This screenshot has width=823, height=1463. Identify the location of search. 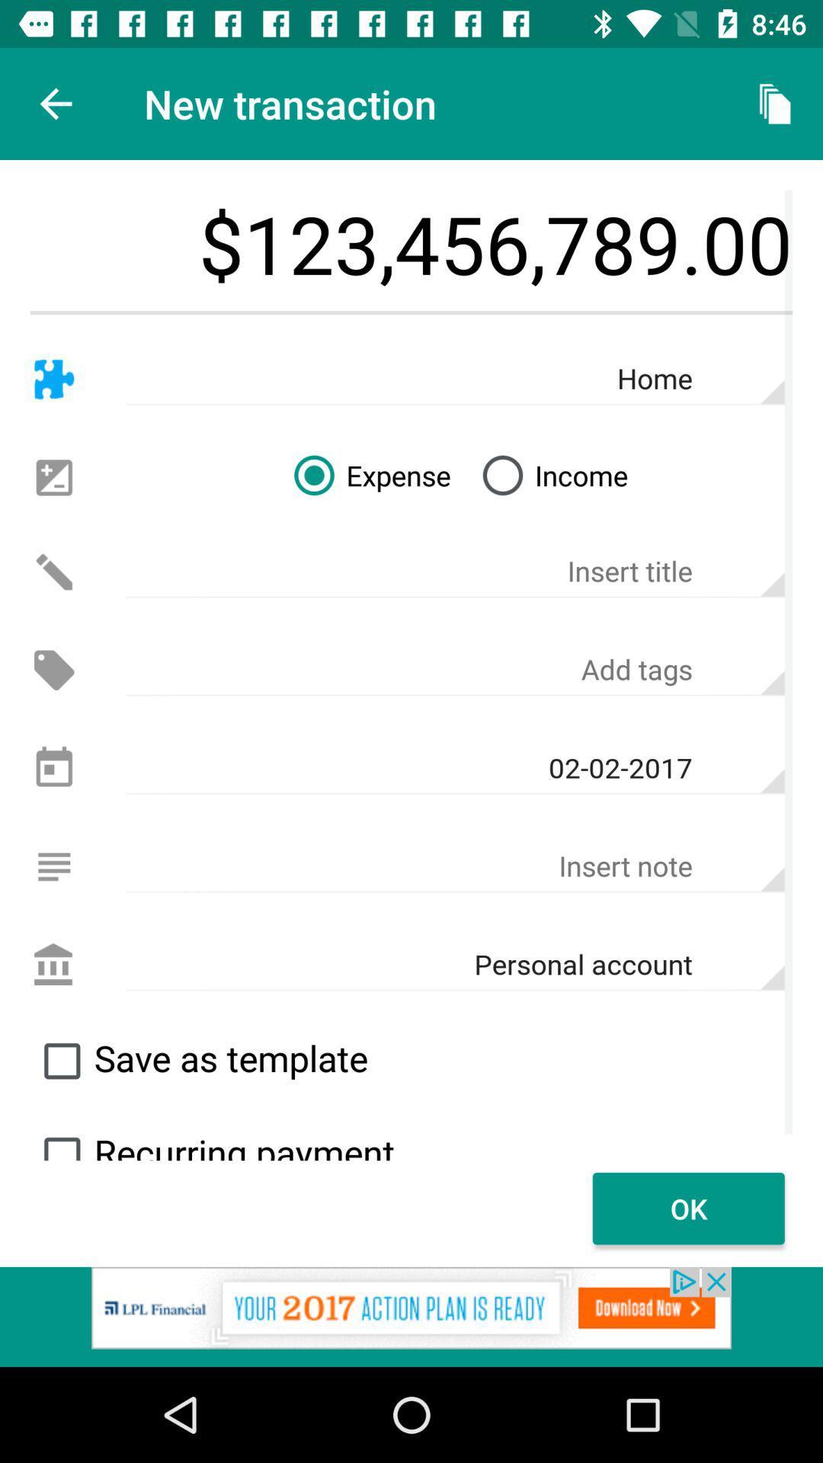
(61, 1141).